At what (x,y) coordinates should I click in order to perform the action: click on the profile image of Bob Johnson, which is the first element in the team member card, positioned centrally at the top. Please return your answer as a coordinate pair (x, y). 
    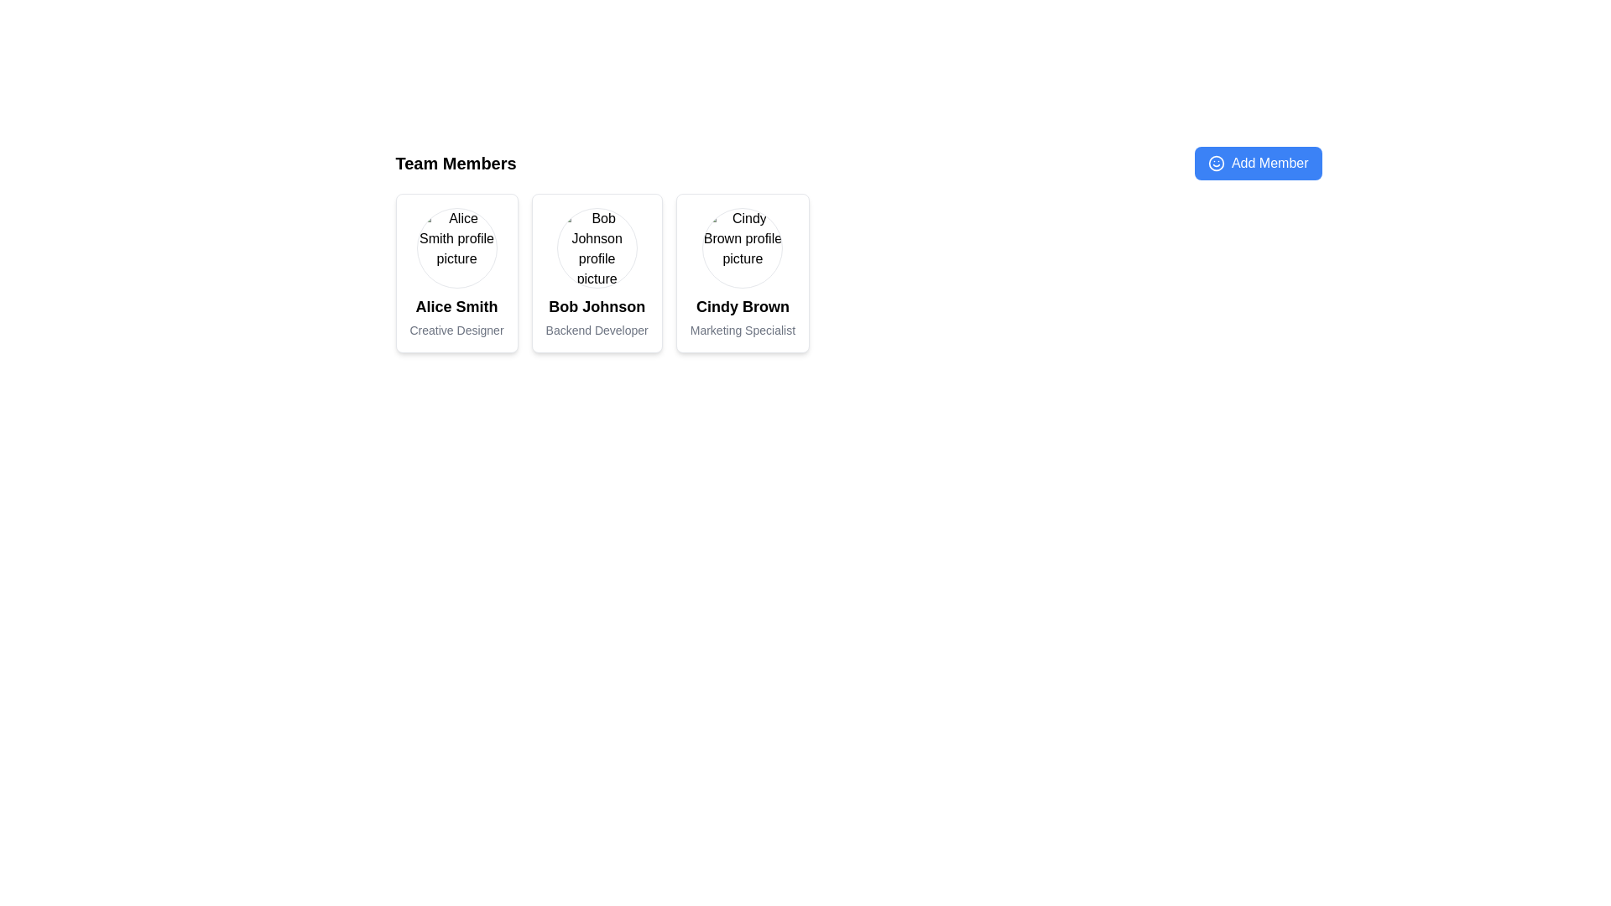
    Looking at the image, I should click on (597, 248).